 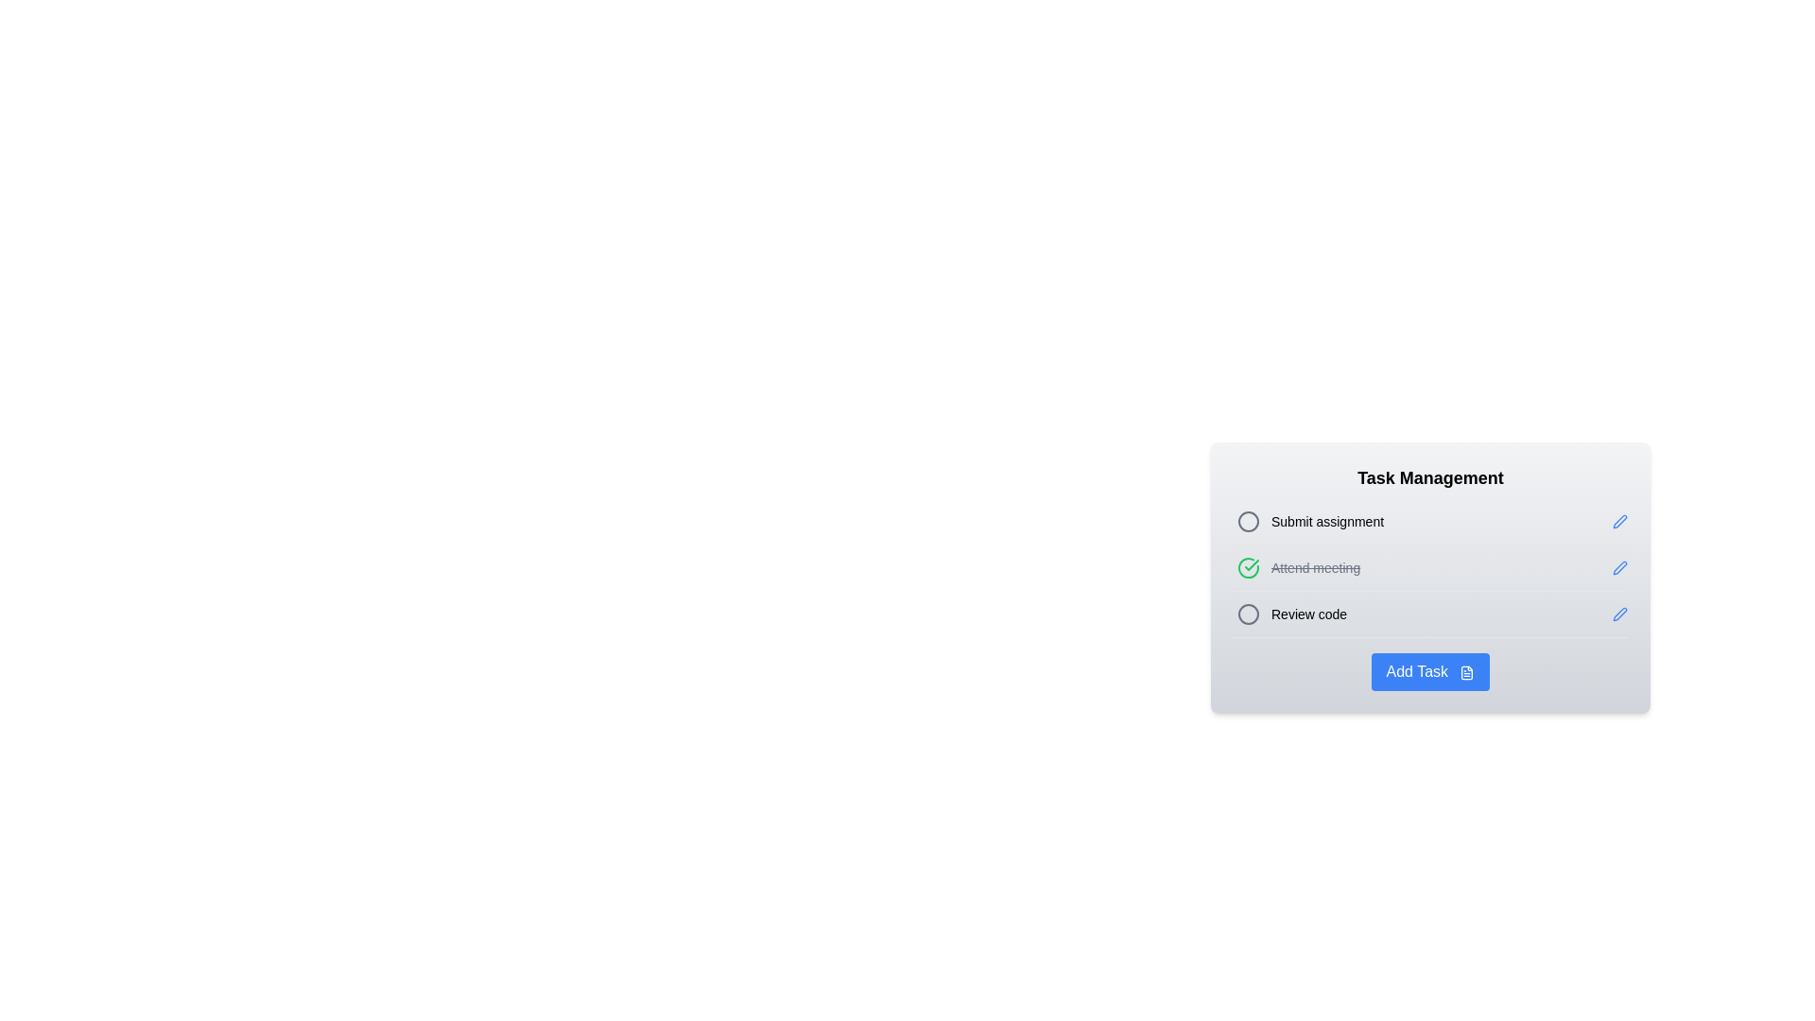 What do you see at coordinates (1618, 614) in the screenshot?
I see `the edit button located in the 'Task Management' section, which is aligned to the far-right side of the third row, next to the 'Review code' label` at bounding box center [1618, 614].